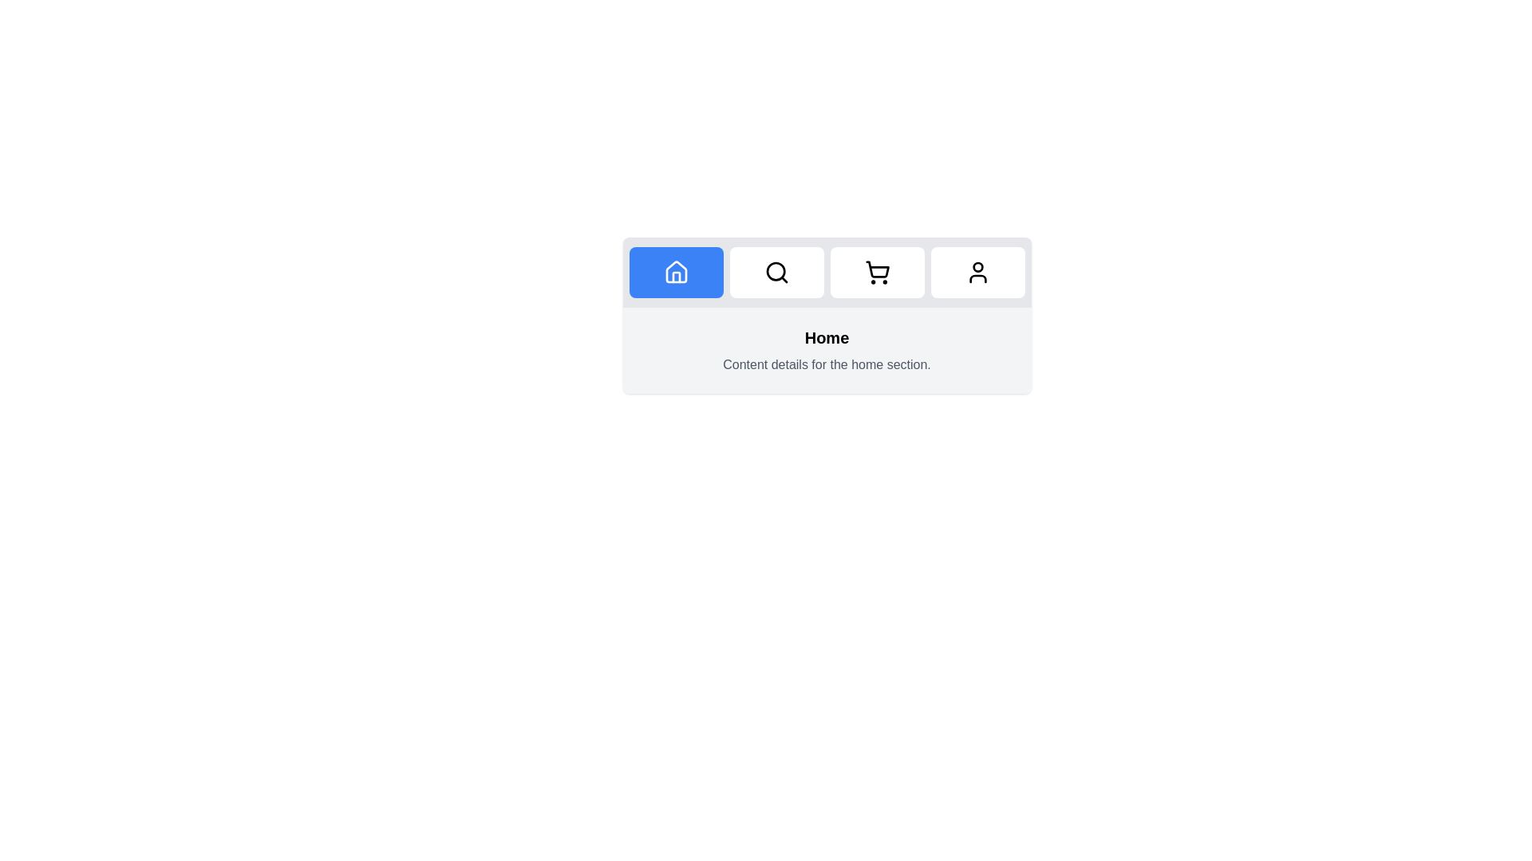 This screenshot has height=861, width=1532. What do you see at coordinates (776, 272) in the screenshot?
I see `the search icon button located between the blue home icon button and the shopping cart icon button` at bounding box center [776, 272].